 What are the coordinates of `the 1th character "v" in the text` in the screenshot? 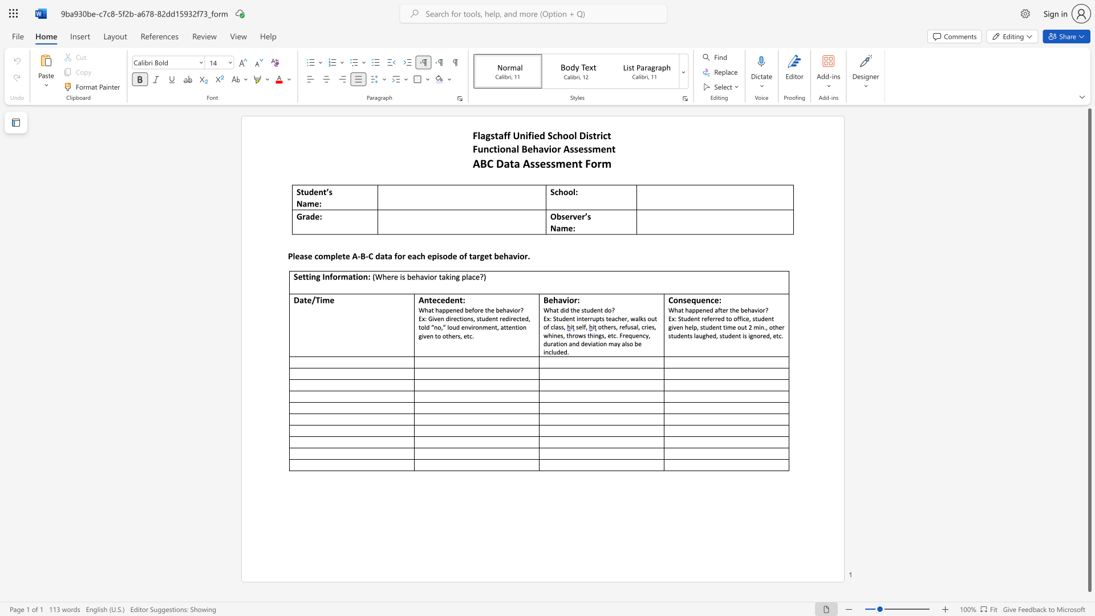 It's located at (546, 148).